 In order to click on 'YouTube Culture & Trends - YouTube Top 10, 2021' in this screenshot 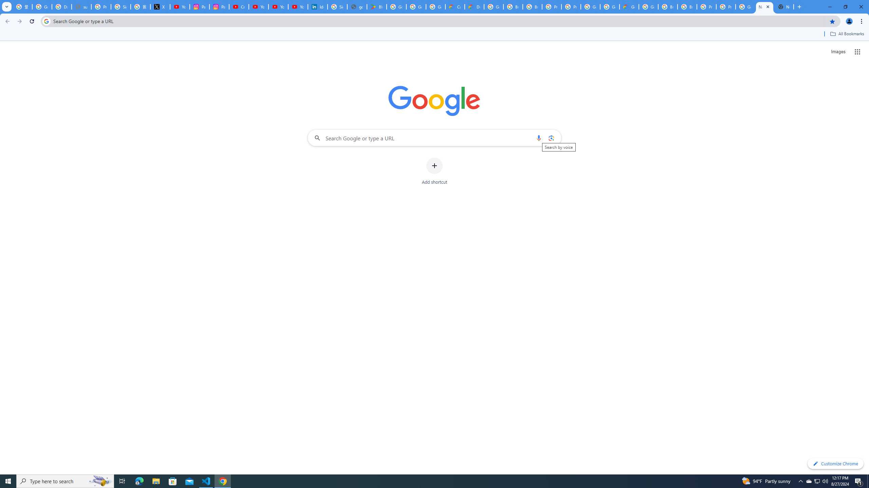, I will do `click(278, 6)`.